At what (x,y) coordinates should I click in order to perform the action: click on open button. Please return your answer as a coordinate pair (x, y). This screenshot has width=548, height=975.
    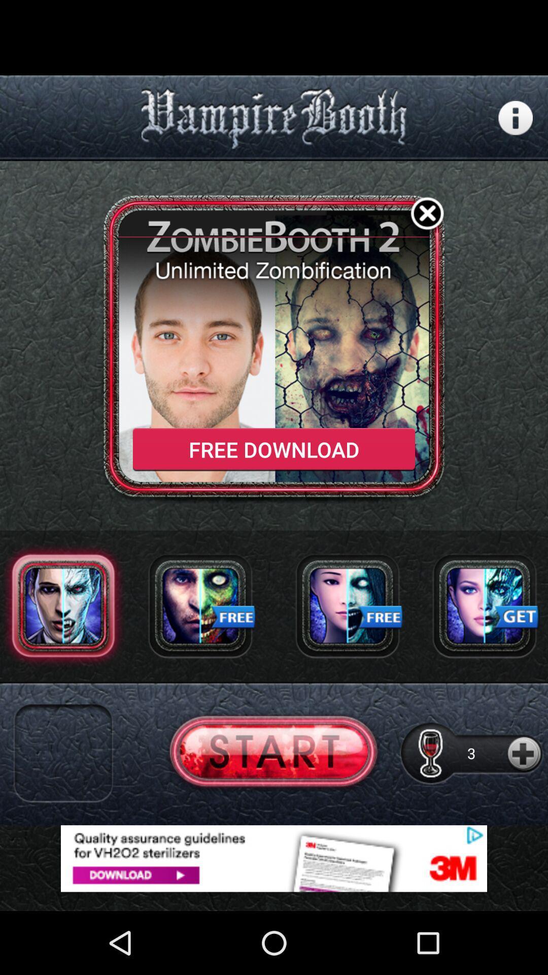
    Looking at the image, I should click on (273, 753).